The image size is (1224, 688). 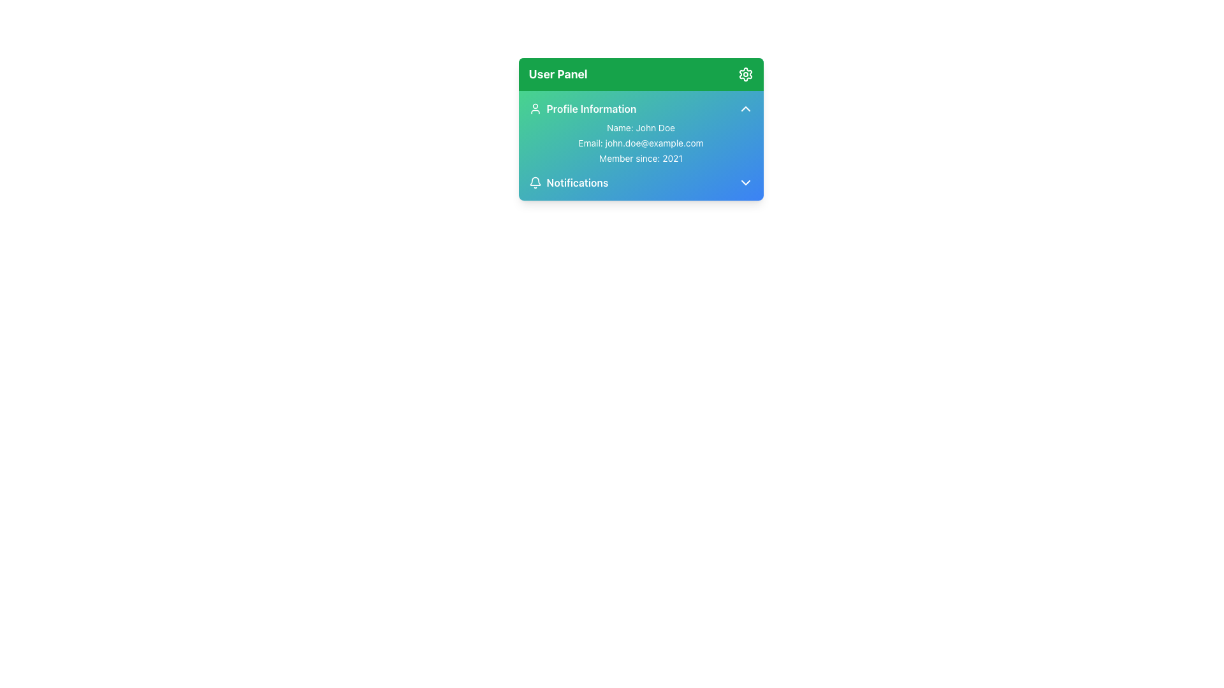 What do you see at coordinates (641, 127) in the screenshot?
I see `the static text label displaying the user's name, which is located in the 'Profile Information' section, positioned above the 'Email' and 'Member since' labels` at bounding box center [641, 127].